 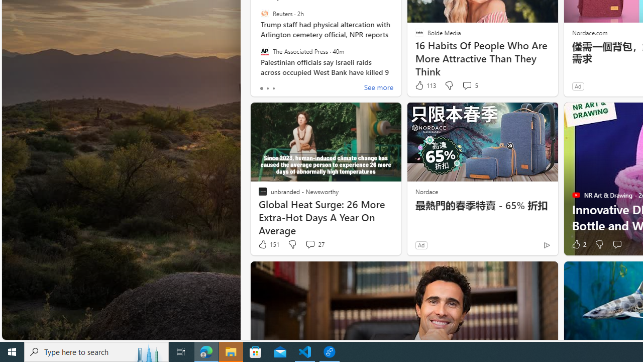 What do you see at coordinates (425, 85) in the screenshot?
I see `'113 Like'` at bounding box center [425, 85].